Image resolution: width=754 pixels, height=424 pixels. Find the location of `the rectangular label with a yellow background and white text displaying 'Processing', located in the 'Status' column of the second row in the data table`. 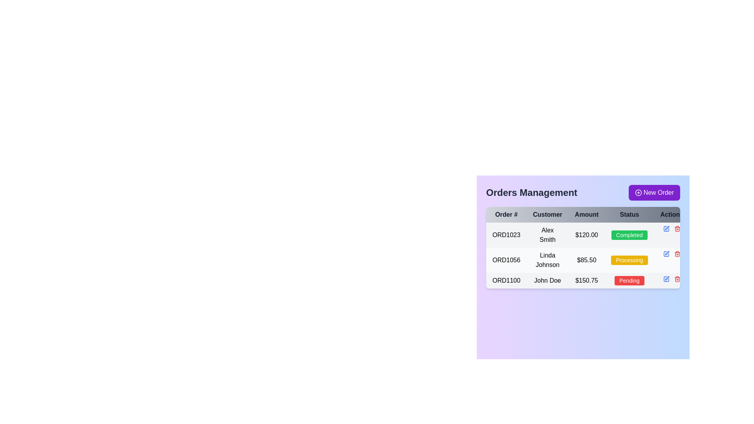

the rectangular label with a yellow background and white text displaying 'Processing', located in the 'Status' column of the second row in the data table is located at coordinates (629, 260).